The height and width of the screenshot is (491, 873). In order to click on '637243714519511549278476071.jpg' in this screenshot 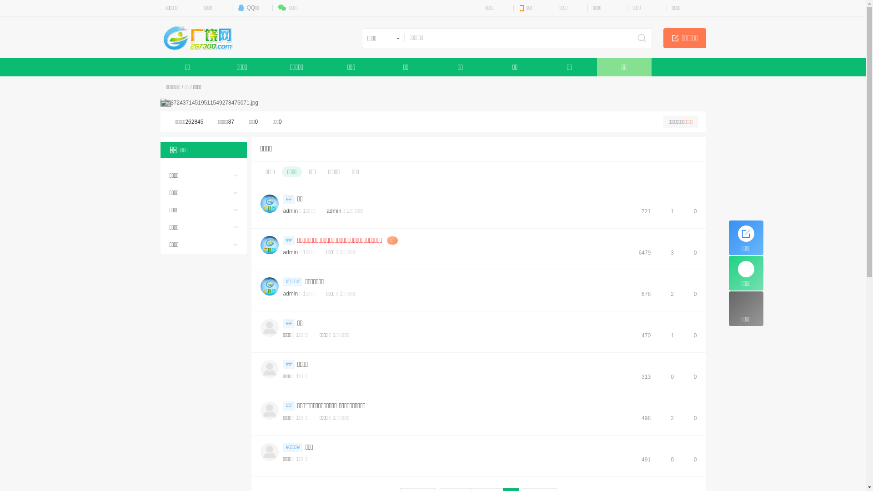, I will do `click(209, 102)`.